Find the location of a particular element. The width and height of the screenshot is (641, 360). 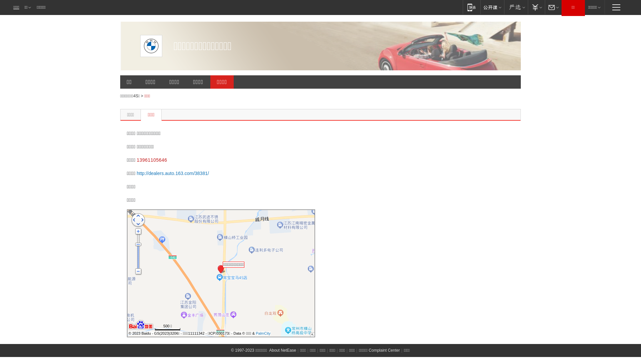

'About NetEase' is located at coordinates (269, 350).